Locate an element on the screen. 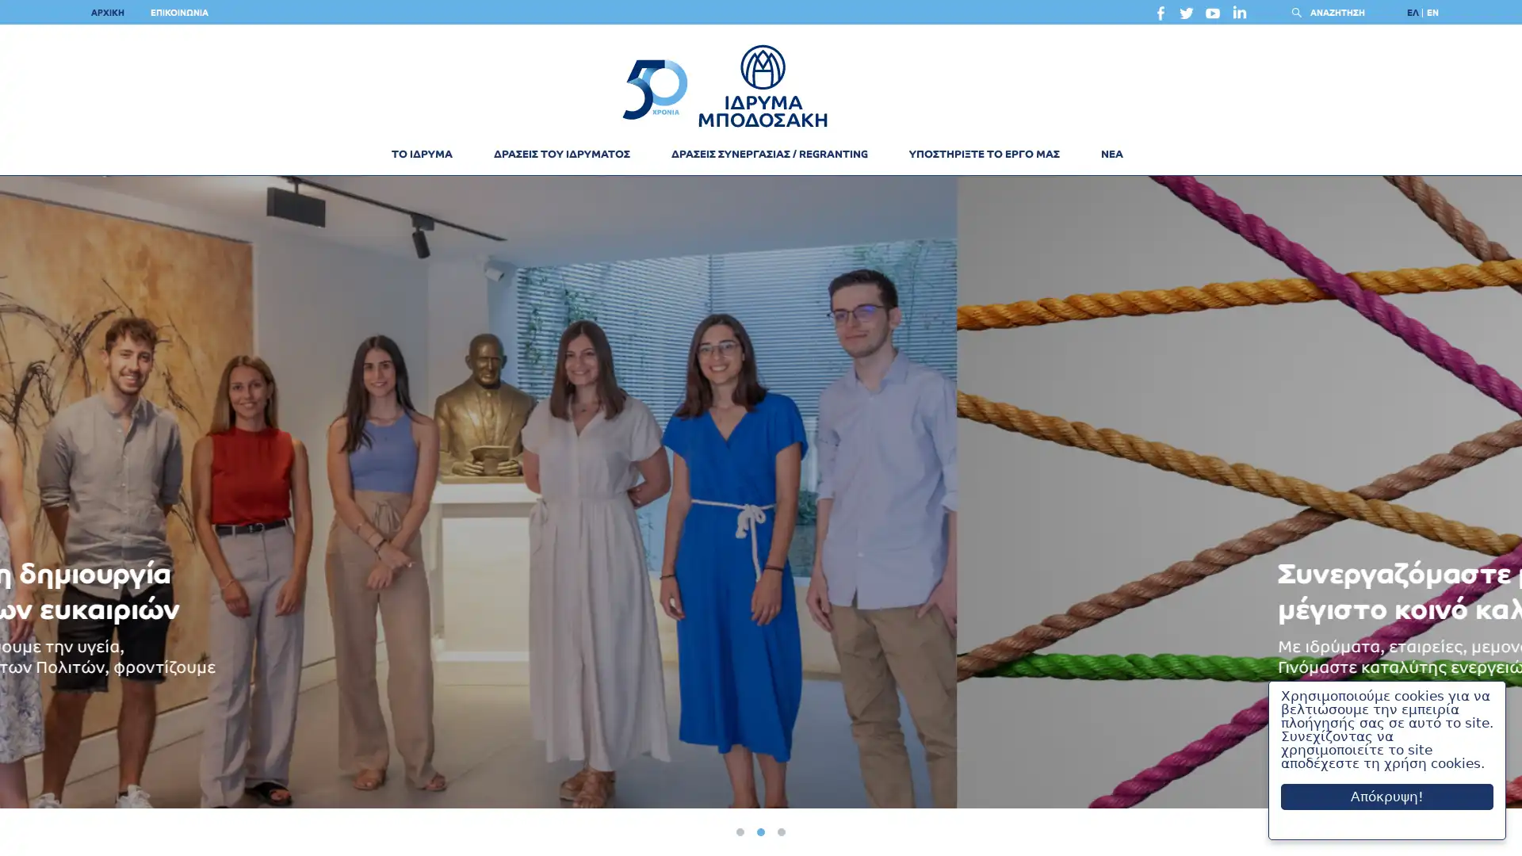  1 is located at coordinates (740, 827).